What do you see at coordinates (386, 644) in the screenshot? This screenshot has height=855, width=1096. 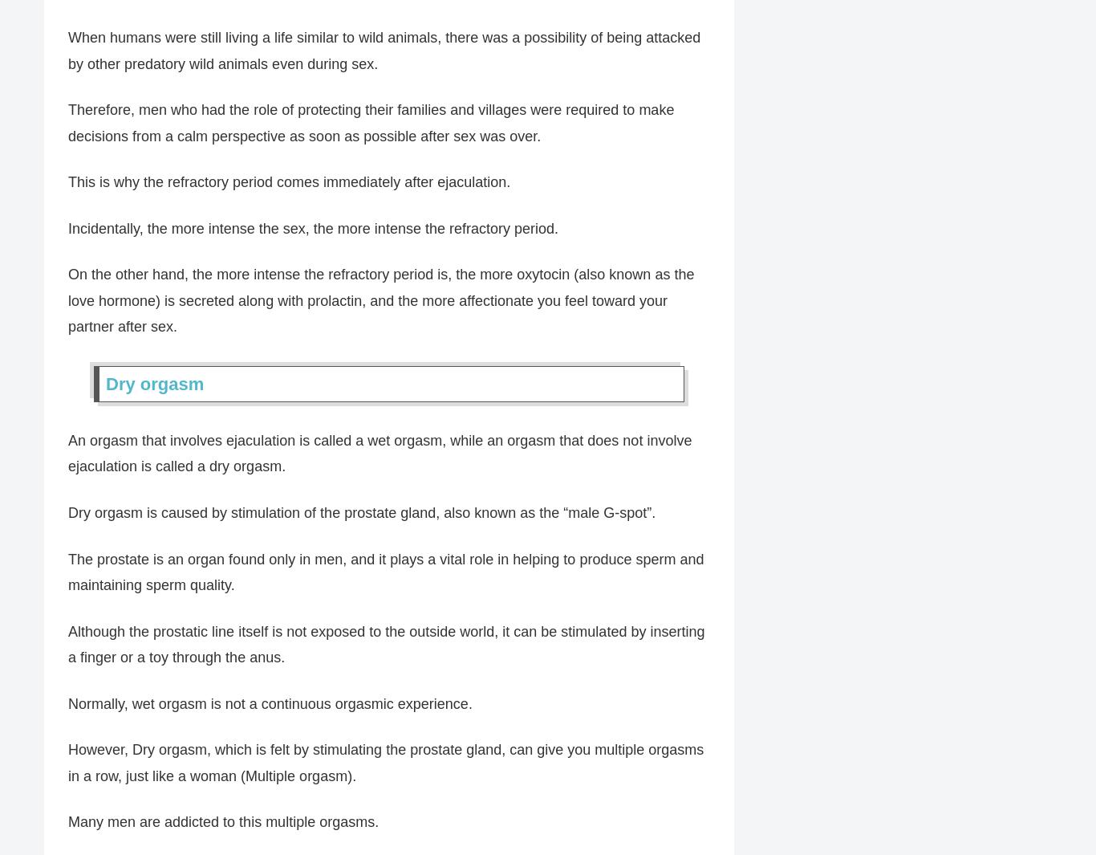 I see `'Although the prostatic line itself is not exposed to the outside world, it can be stimulated by inserting a finger or a toy through the anus.'` at bounding box center [386, 644].